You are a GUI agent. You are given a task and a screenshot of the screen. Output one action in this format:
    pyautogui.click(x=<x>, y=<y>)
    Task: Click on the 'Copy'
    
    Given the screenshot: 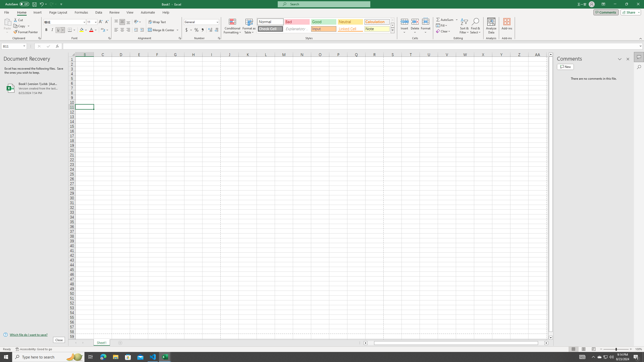 What is the action you would take?
    pyautogui.click(x=22, y=26)
    